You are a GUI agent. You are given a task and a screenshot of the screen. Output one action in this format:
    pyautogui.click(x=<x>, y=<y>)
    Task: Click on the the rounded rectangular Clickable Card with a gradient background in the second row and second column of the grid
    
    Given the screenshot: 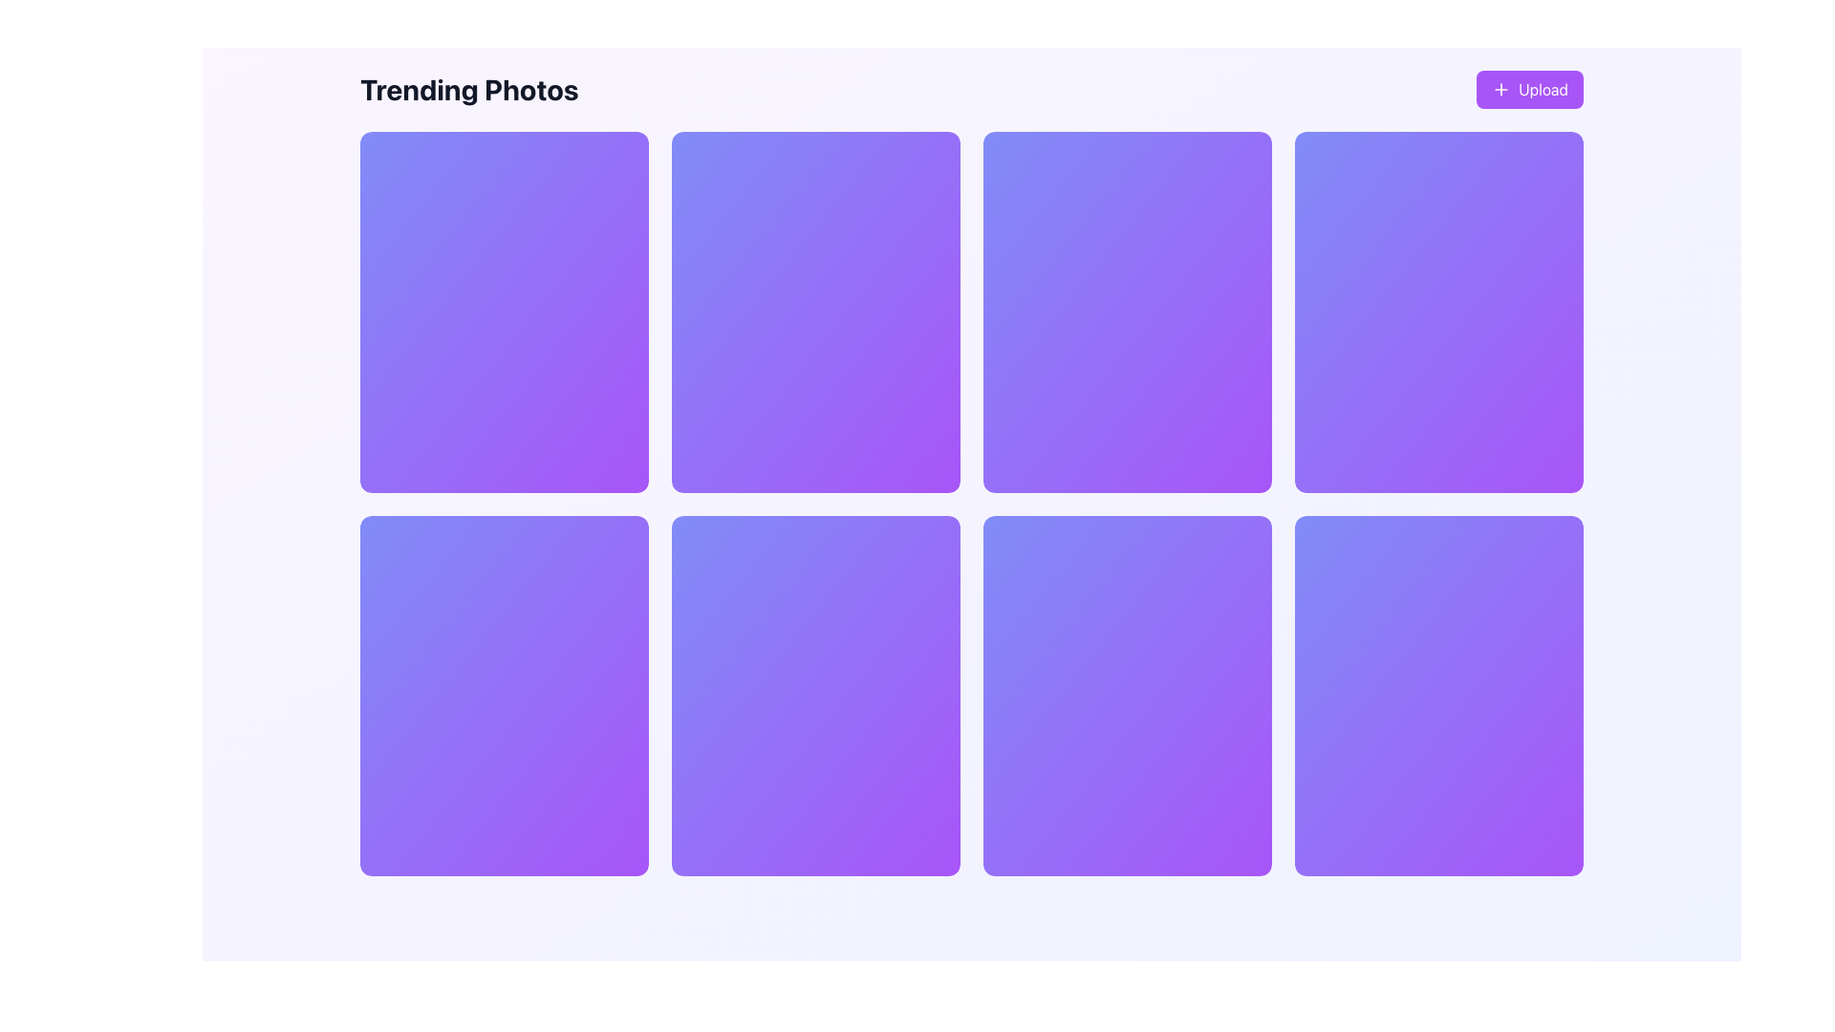 What is the action you would take?
    pyautogui.click(x=816, y=696)
    